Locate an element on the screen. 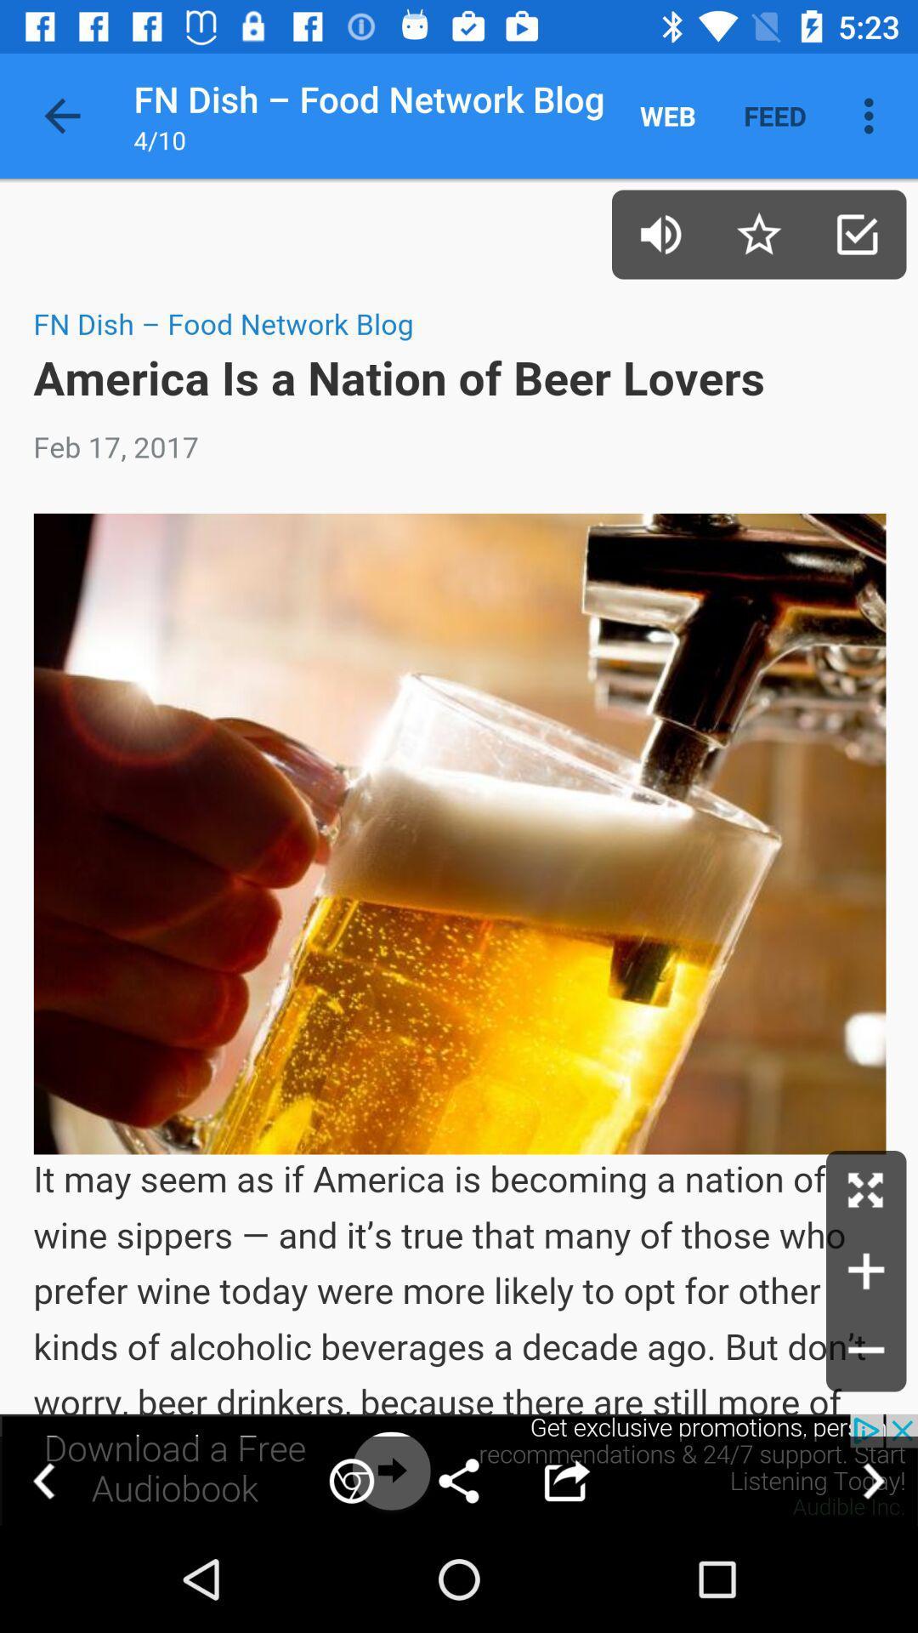 The width and height of the screenshot is (918, 1633). open the image is located at coordinates (866, 1190).